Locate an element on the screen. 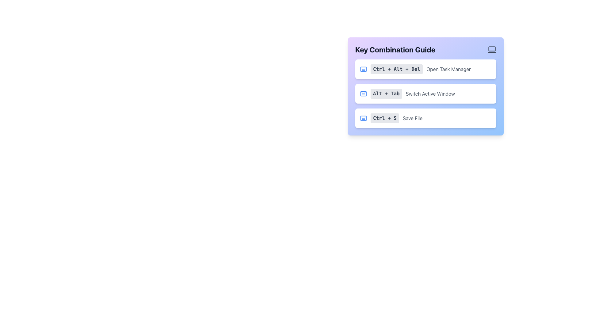 The width and height of the screenshot is (589, 331). the blue keyboard icon located at the topmost item of the list, which represents keyboard-related functionalities is located at coordinates (364, 69).